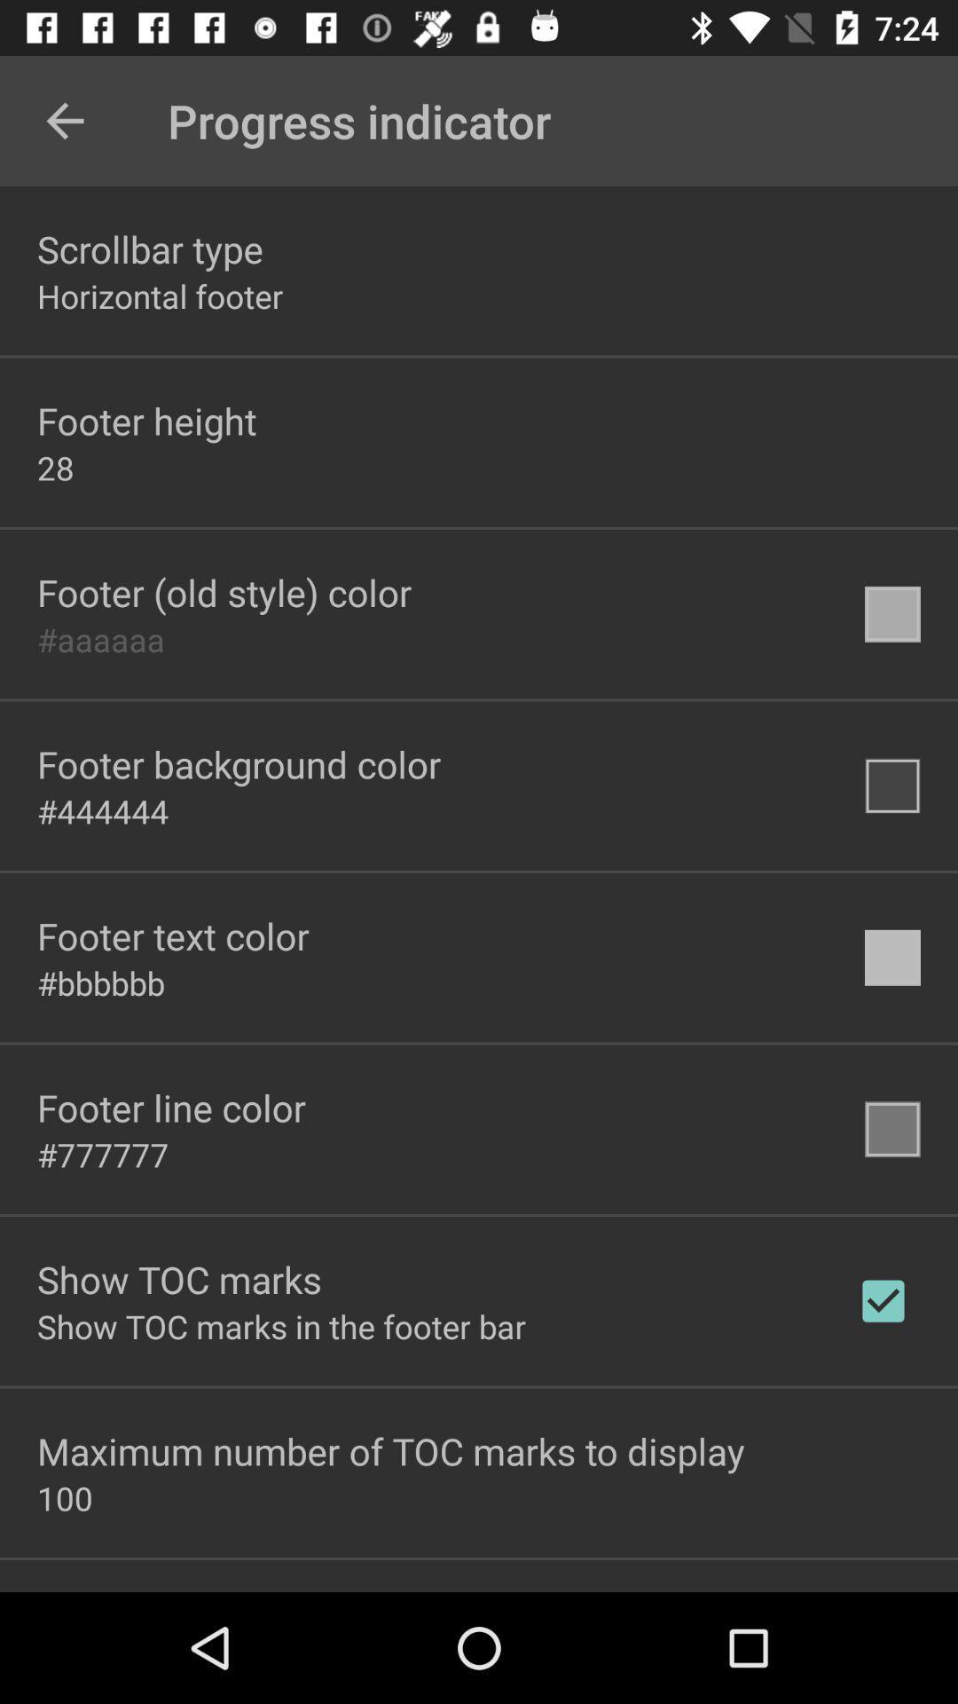 The image size is (958, 1704). I want to click on icon above show toc marks icon, so click(103, 1155).